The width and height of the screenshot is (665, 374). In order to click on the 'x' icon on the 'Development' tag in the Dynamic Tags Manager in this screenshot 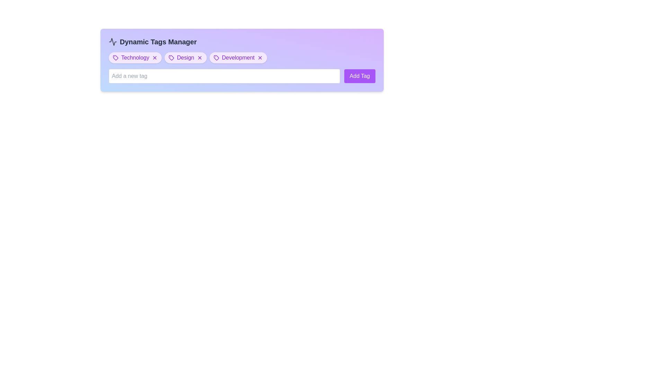, I will do `click(238, 57)`.